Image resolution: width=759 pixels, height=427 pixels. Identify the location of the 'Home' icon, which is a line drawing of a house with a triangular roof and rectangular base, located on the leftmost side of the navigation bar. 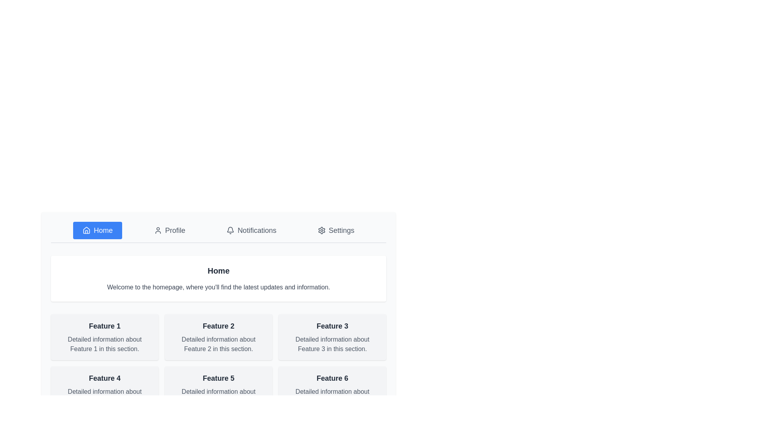
(87, 230).